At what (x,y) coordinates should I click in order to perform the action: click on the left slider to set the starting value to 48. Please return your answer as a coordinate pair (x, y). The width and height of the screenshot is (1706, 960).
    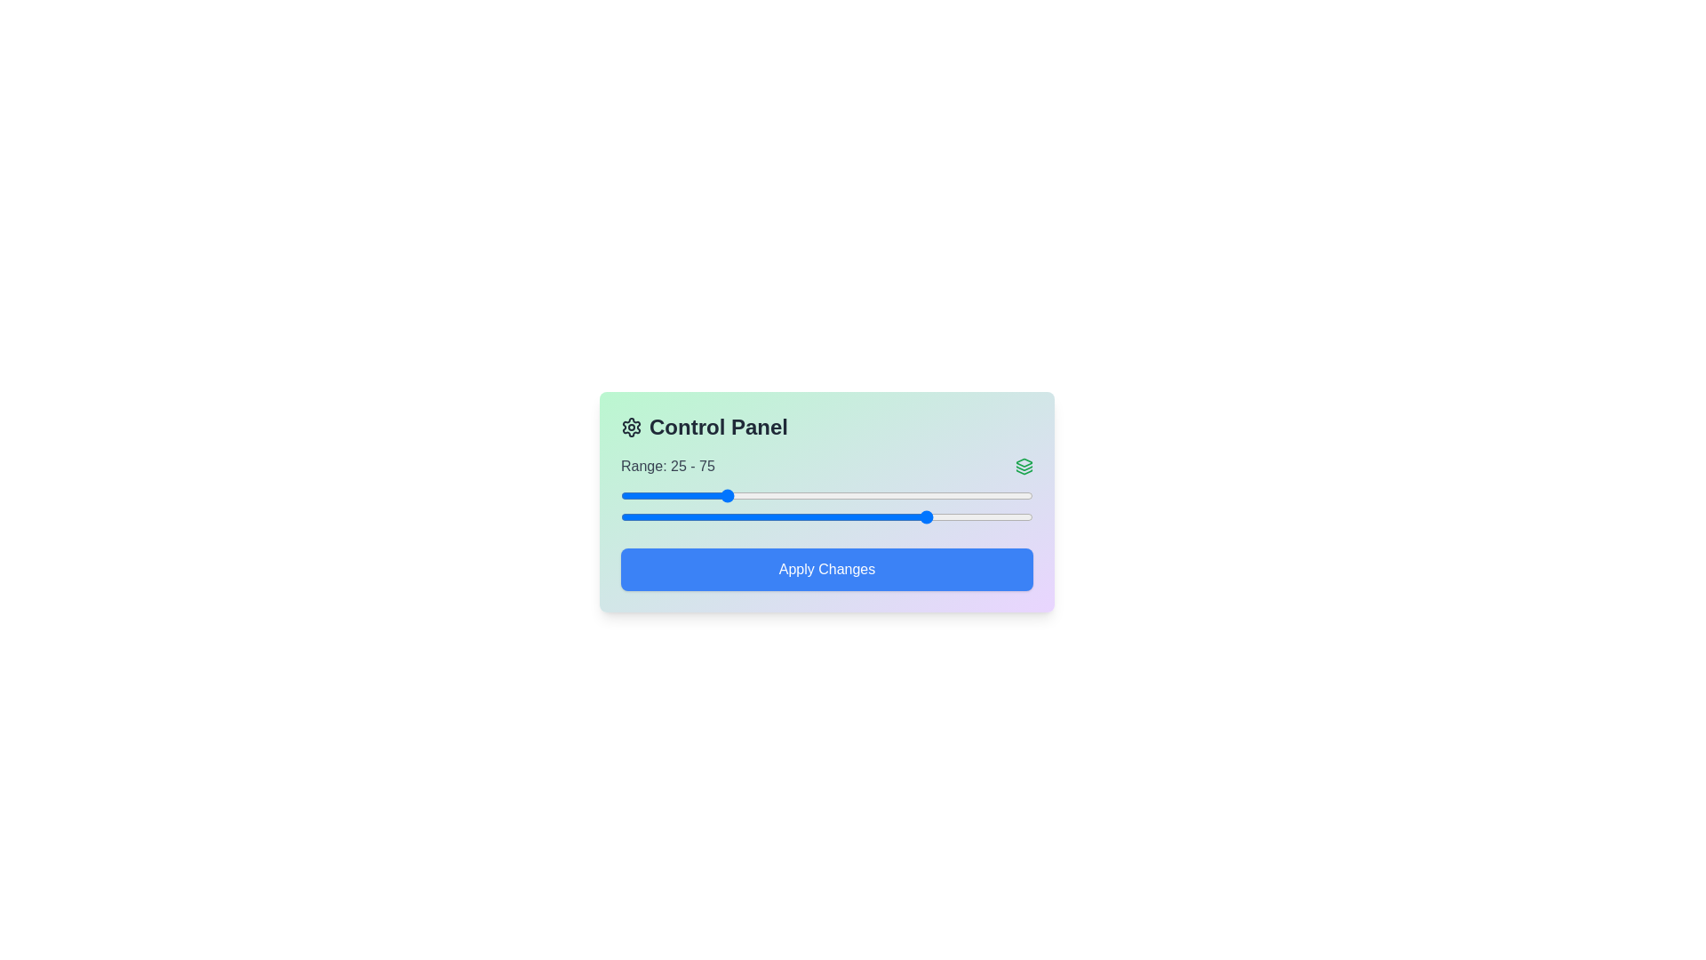
    Looking at the image, I should click on (817, 496).